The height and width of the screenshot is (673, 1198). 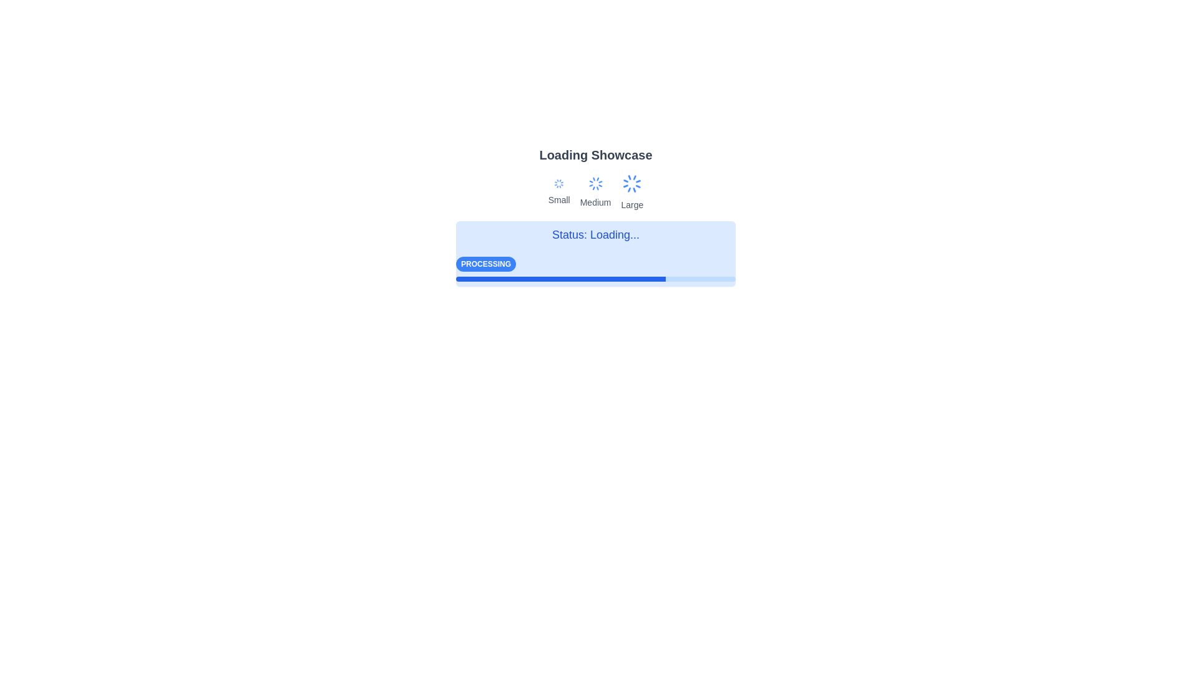 I want to click on the spinning animation of the Loader or Spinner Icon, which is the third icon in the group labeled 'Small', 'Medium', and 'Large', located above the 'Large' label, so click(x=632, y=183).